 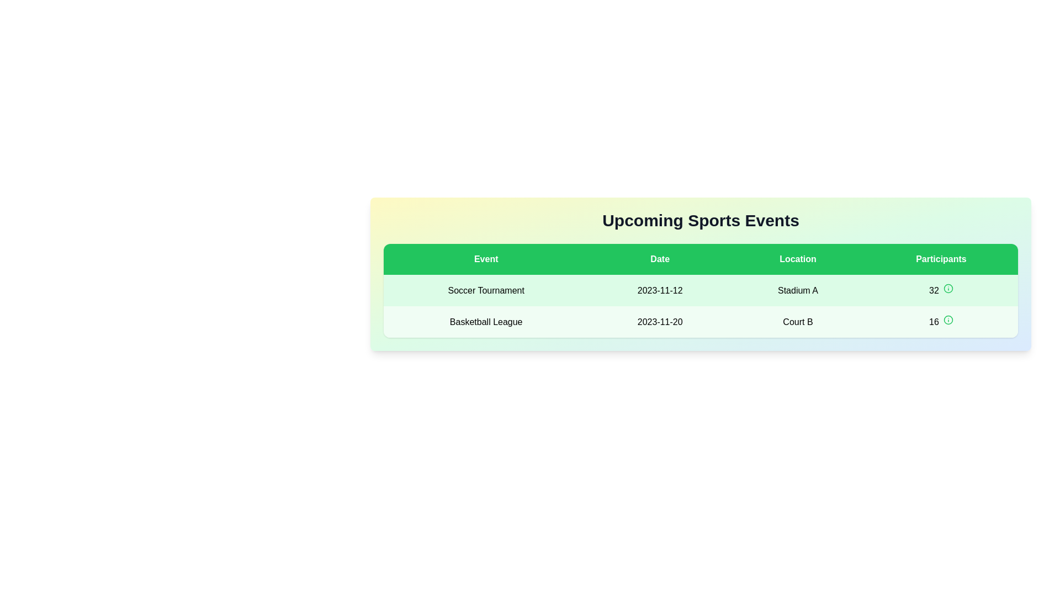 What do you see at coordinates (700, 322) in the screenshot?
I see `the second row in the 'Upcoming Sports Events' table that displays details about the 'Basketball League' event` at bounding box center [700, 322].